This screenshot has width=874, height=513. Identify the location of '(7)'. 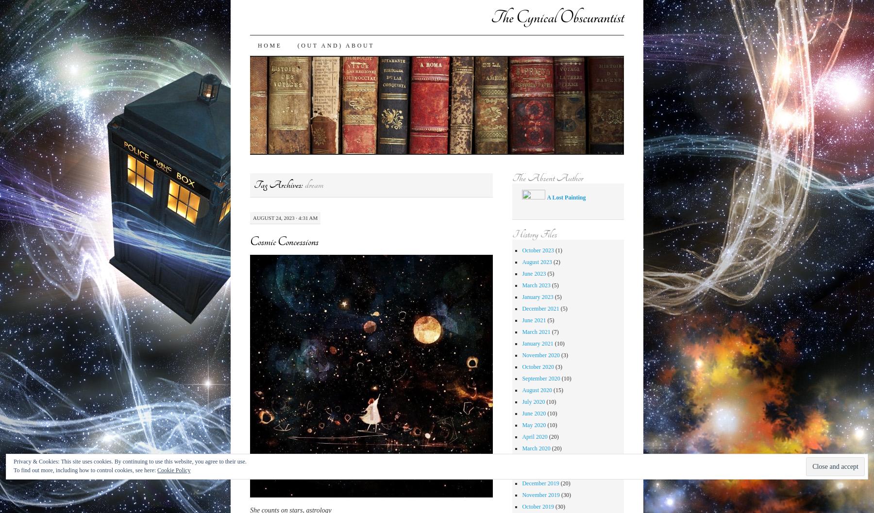
(549, 331).